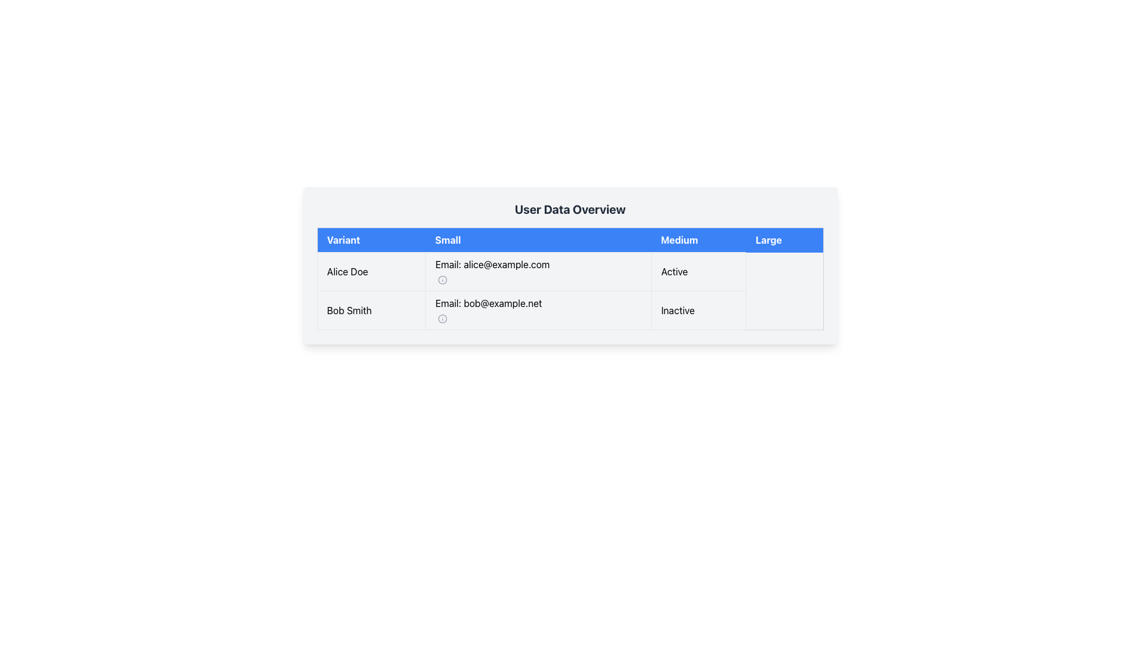  What do you see at coordinates (370, 272) in the screenshot?
I see `name displayed in the first column of the first row of the table, which shows 'Alice Doe'` at bounding box center [370, 272].